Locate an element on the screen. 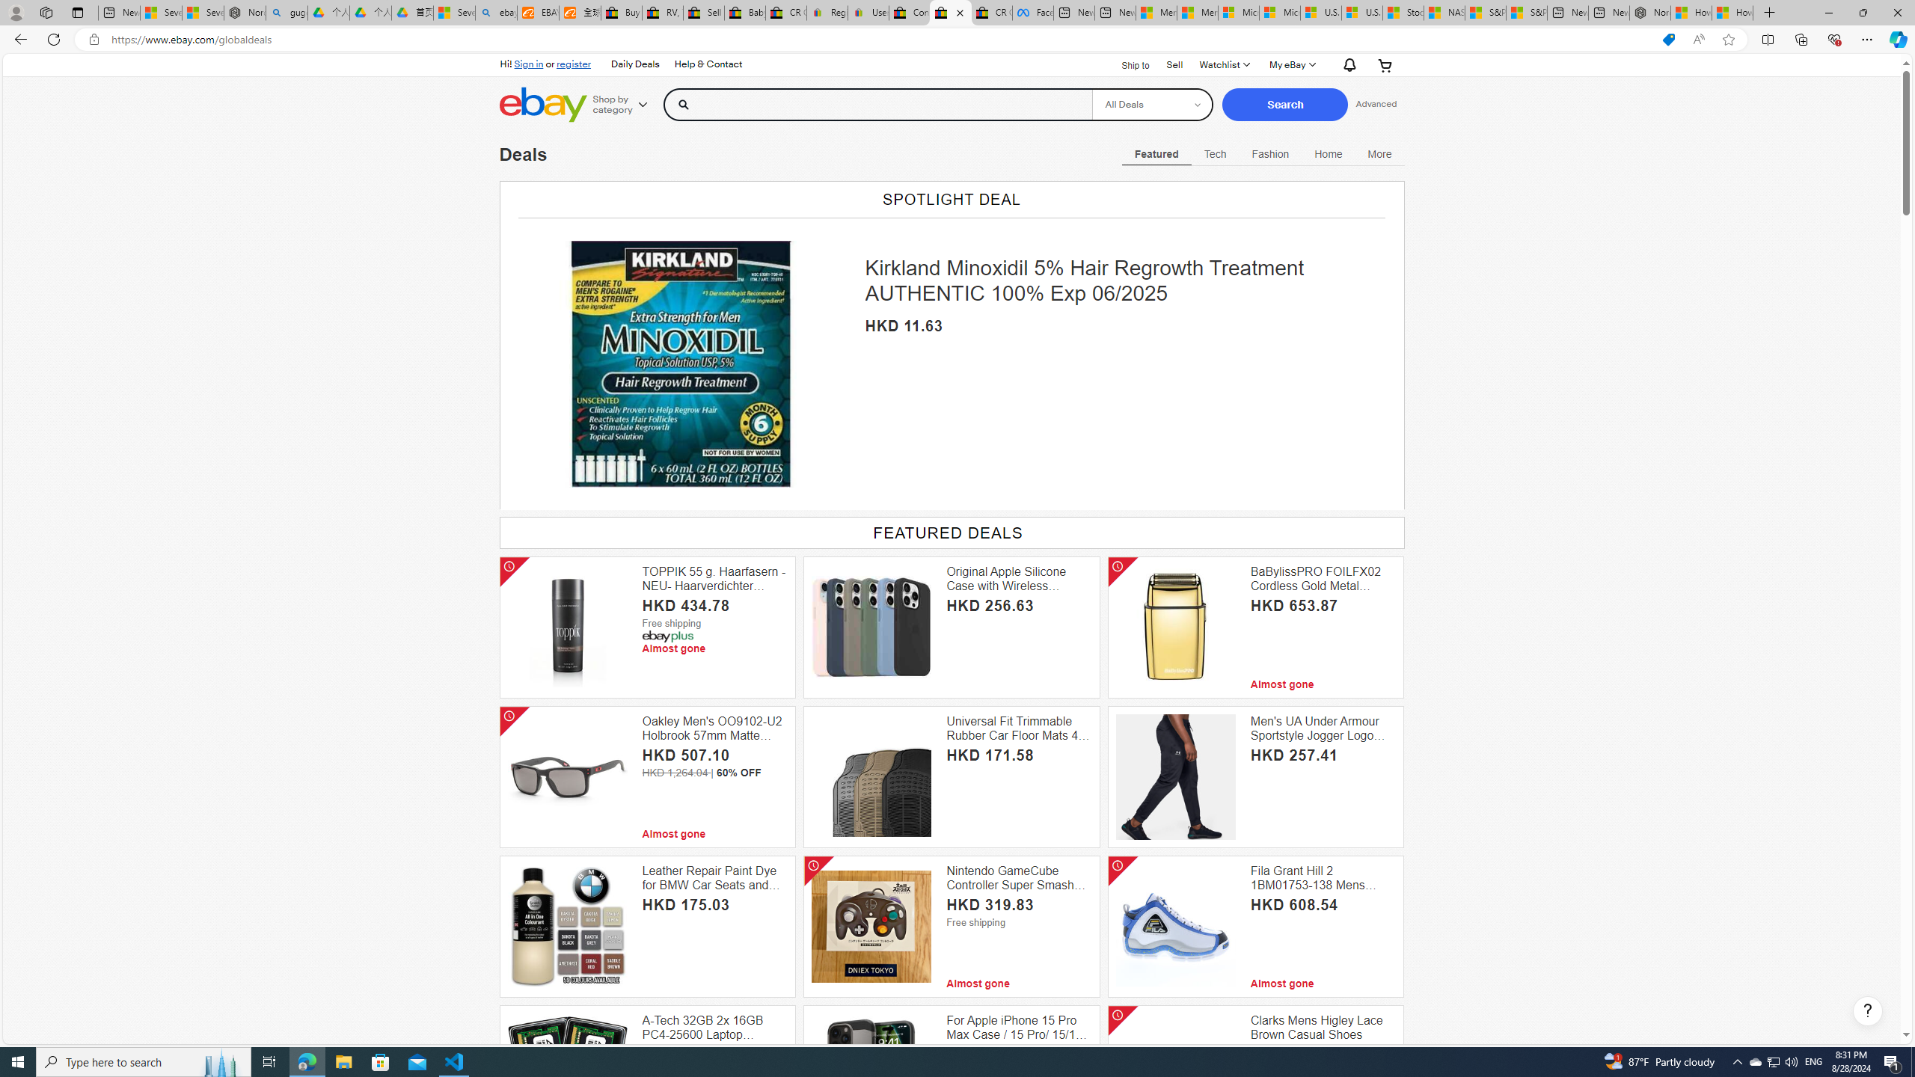 This screenshot has width=1915, height=1077. 'eBay Home' is located at coordinates (543, 104).